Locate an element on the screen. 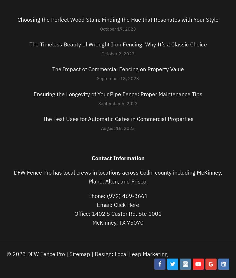  'Office: 1402 S Custer Rd, Ste 1001' is located at coordinates (118, 214).